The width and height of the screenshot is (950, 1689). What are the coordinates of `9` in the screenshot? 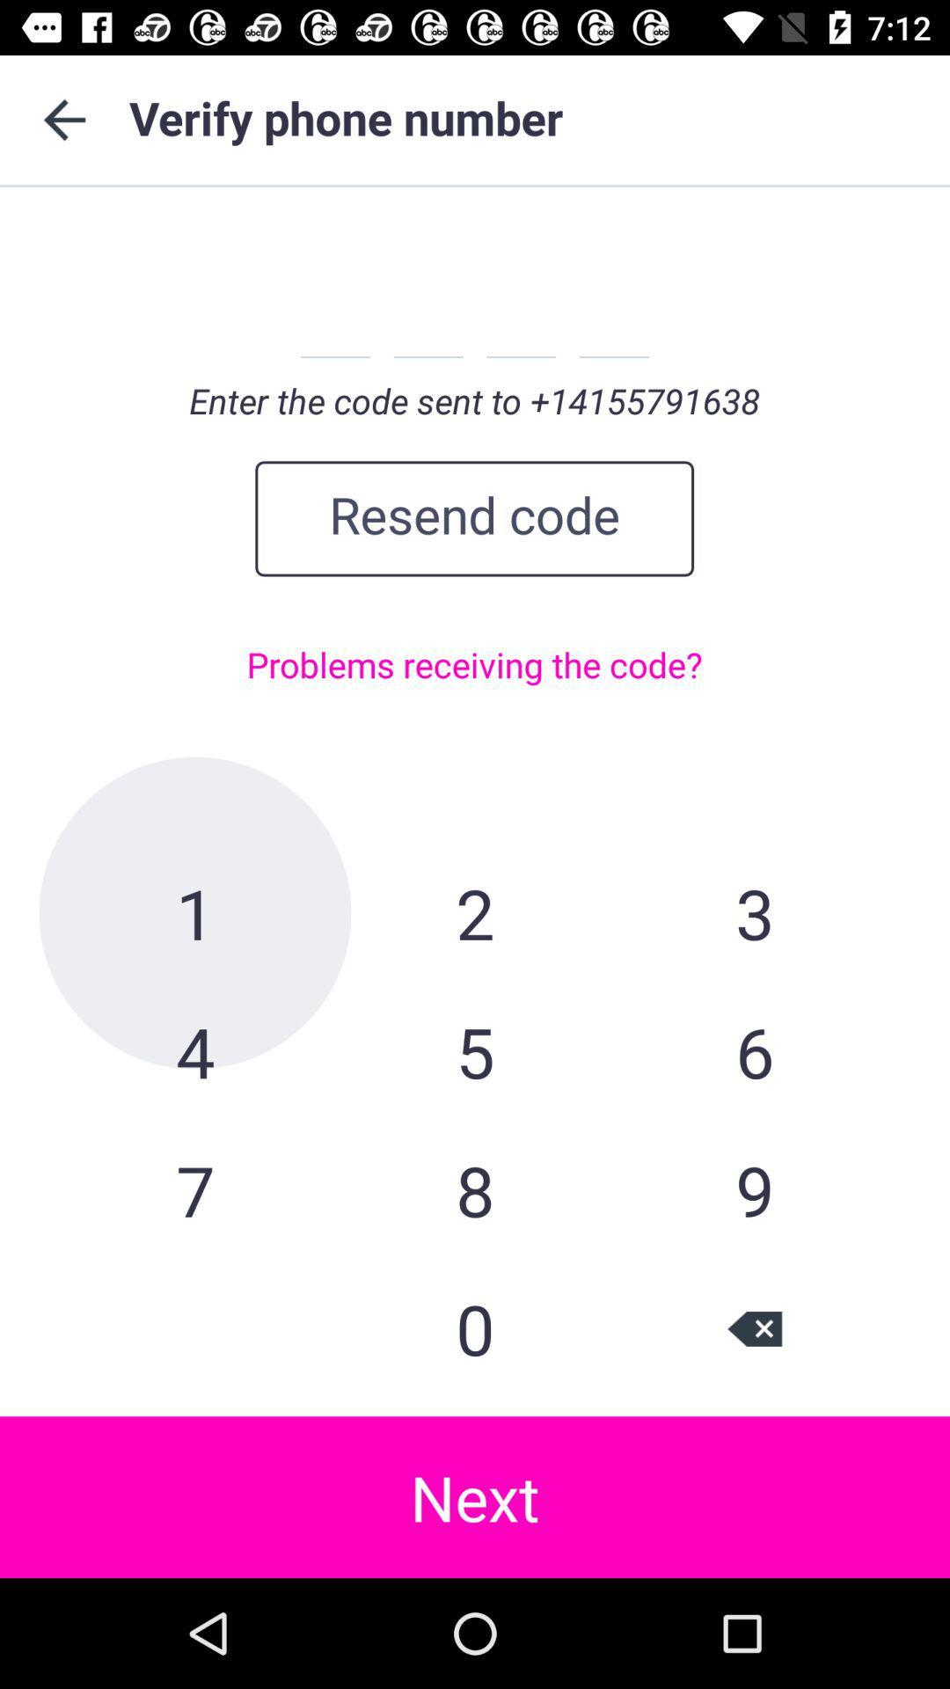 It's located at (753, 1190).